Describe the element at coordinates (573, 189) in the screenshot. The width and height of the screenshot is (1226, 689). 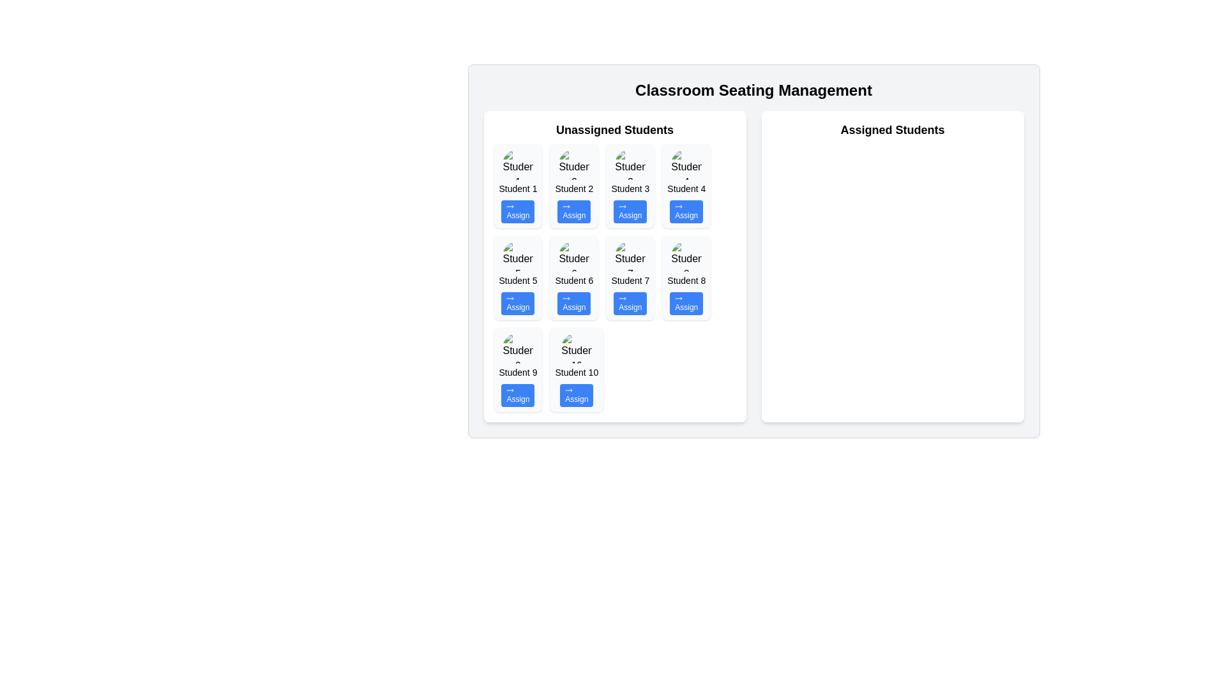
I see `the text label displaying 'Student 2' located in the third column of the 'Unassigned Students' list box, positioned beneath the student's avatar and above the 'Assign' button` at that location.